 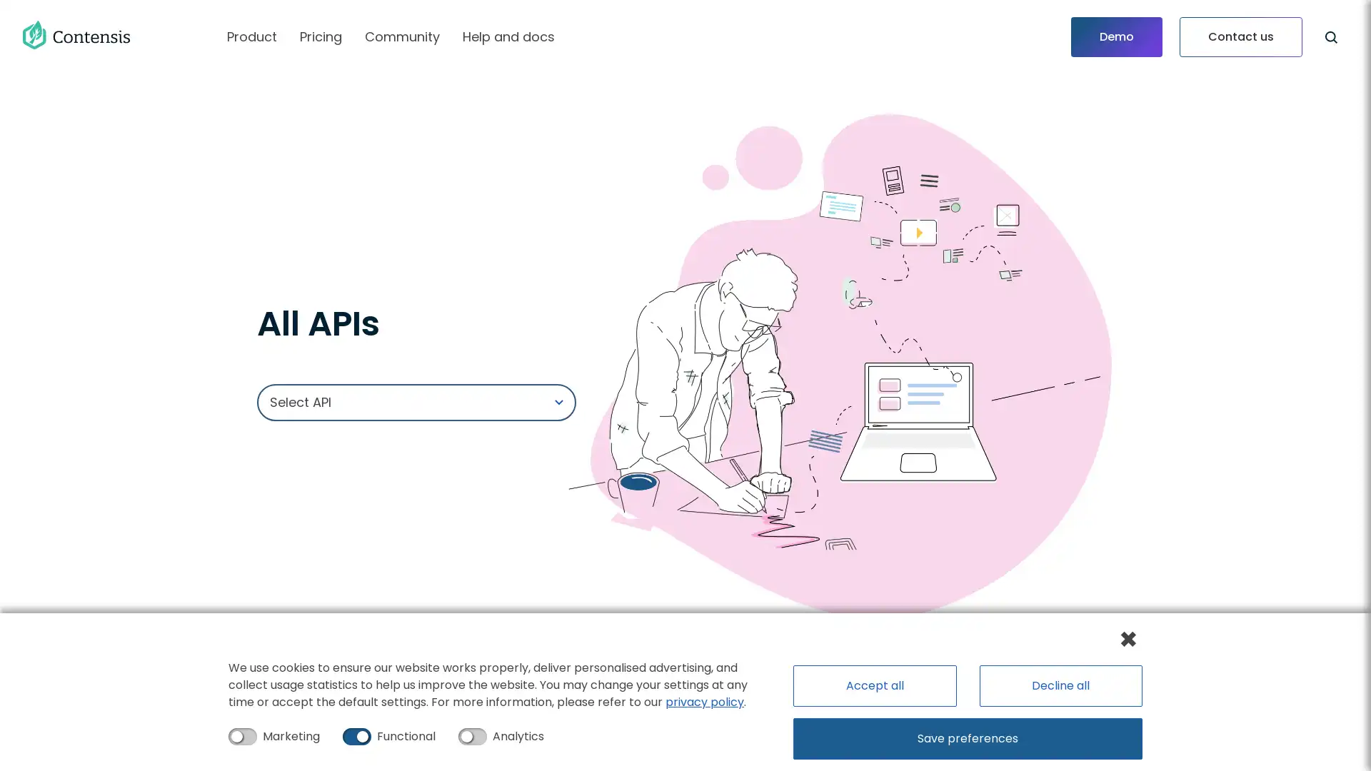 I want to click on Select API, so click(x=416, y=402).